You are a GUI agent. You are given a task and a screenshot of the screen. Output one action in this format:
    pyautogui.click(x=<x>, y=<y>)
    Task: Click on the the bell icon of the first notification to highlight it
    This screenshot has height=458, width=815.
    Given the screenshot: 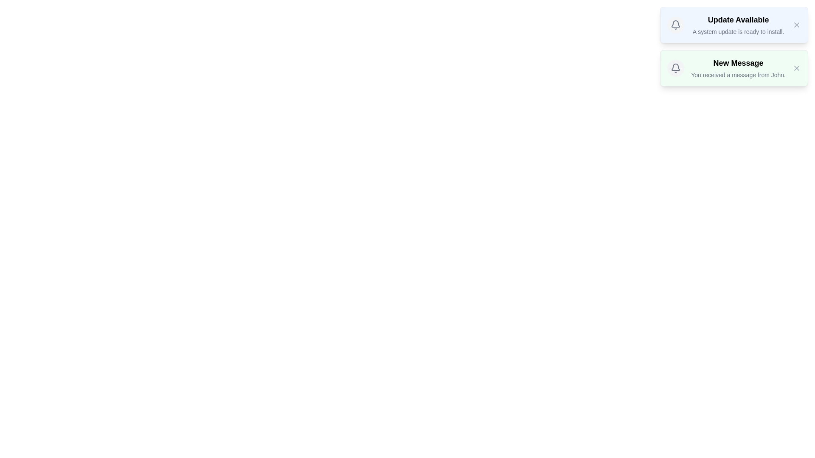 What is the action you would take?
    pyautogui.click(x=675, y=24)
    